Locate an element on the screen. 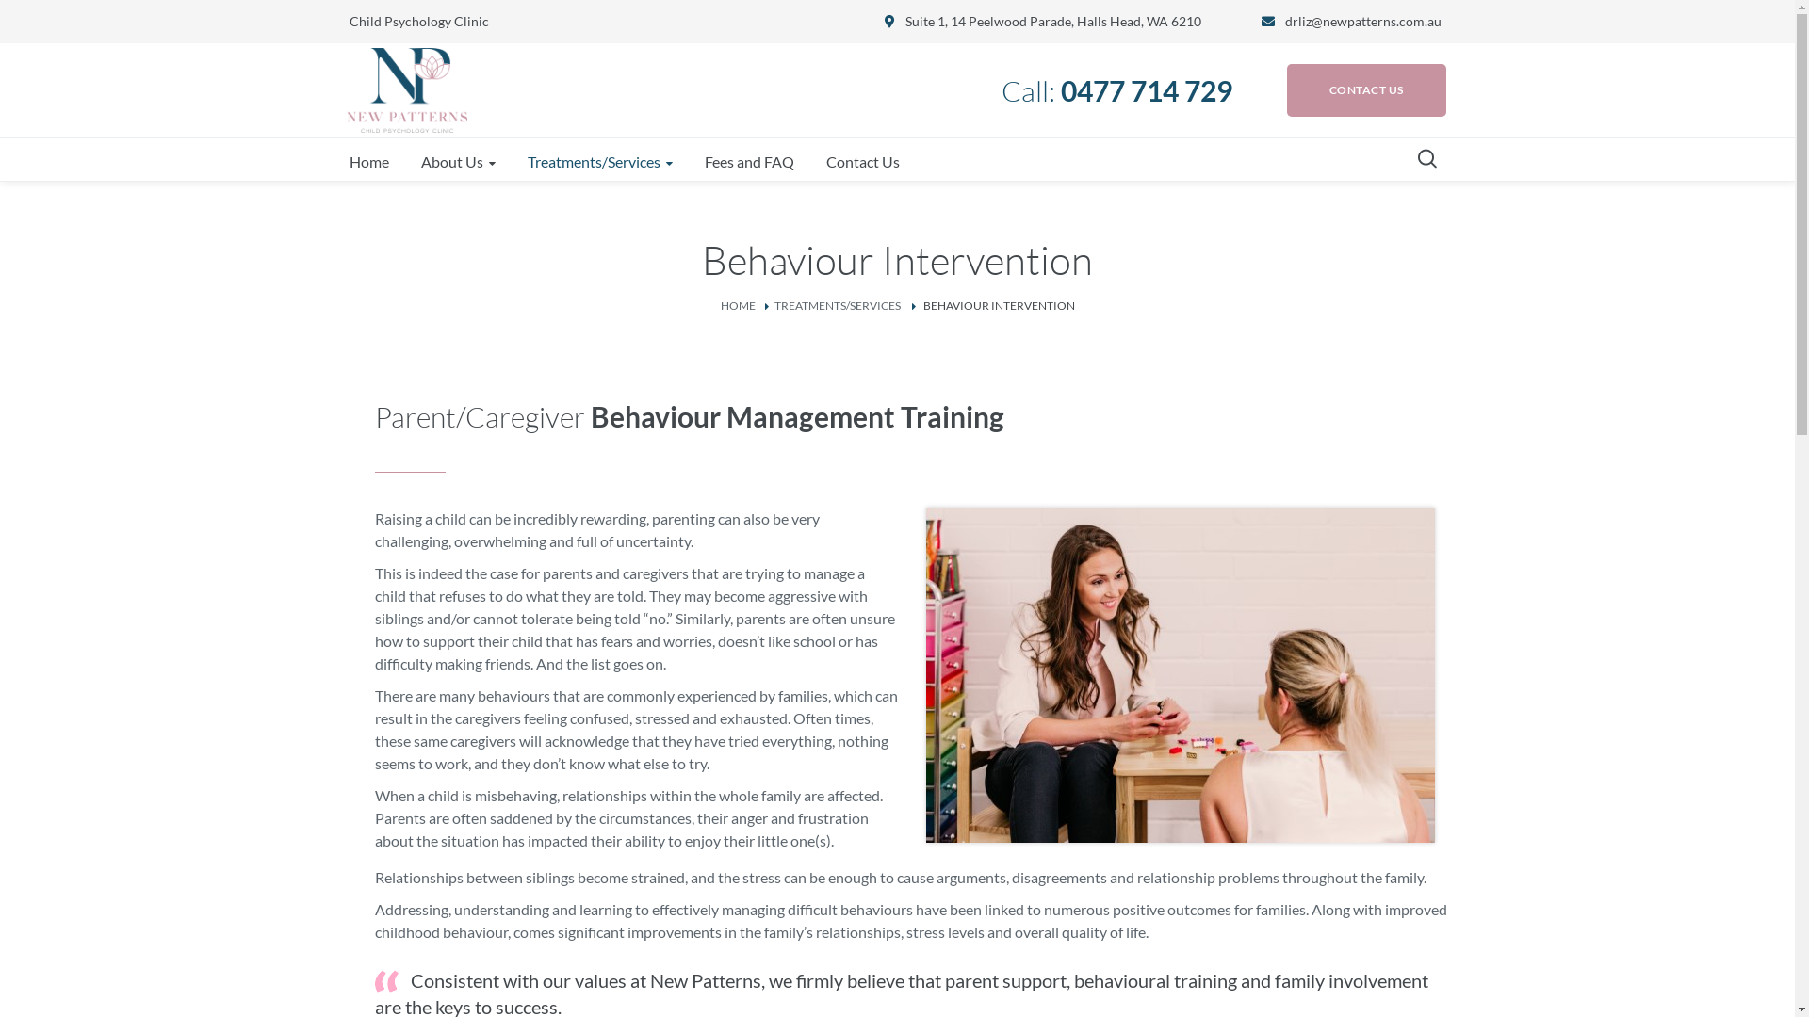 The image size is (1809, 1017). 'Treatments/Services' is located at coordinates (599, 161).